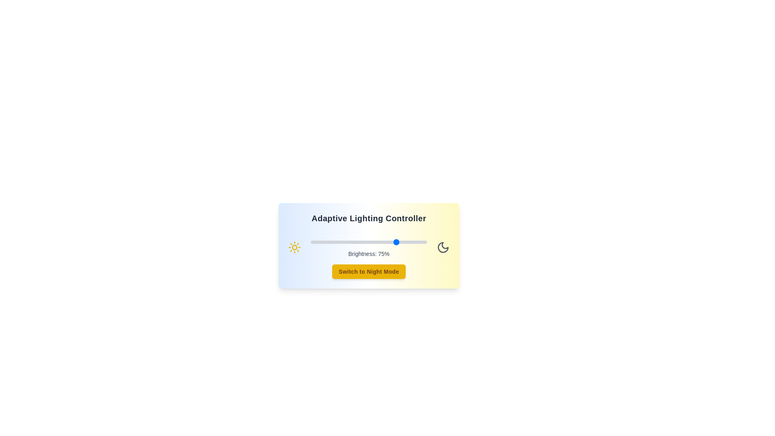 Image resolution: width=775 pixels, height=436 pixels. What do you see at coordinates (368, 271) in the screenshot?
I see `the 'Switch to Night Mode' button with a yellow background and brown text` at bounding box center [368, 271].